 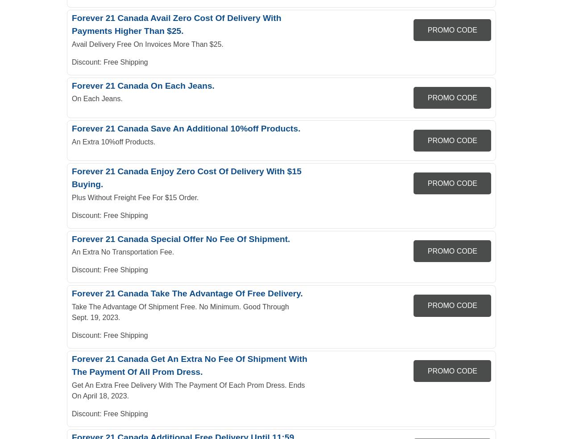 I want to click on 'Forever 21 Canada On Each Jeans.', so click(x=72, y=85).